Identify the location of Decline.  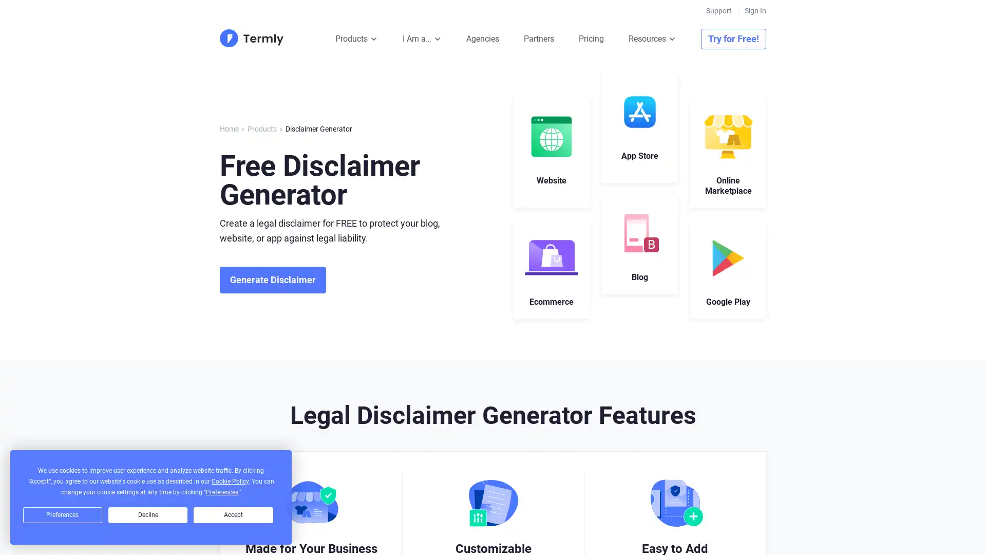
(147, 515).